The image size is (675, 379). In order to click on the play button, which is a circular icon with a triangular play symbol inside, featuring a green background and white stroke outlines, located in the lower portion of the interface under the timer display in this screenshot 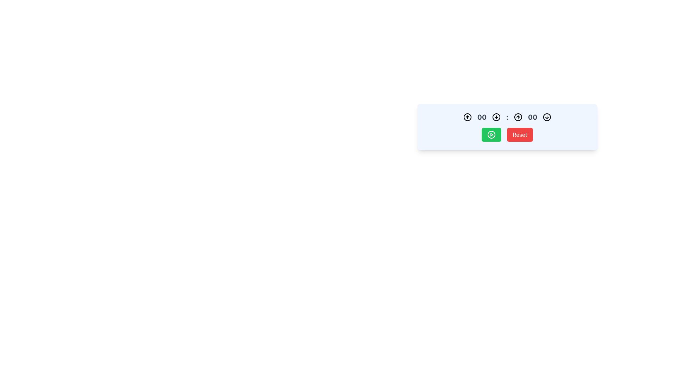, I will do `click(491, 135)`.